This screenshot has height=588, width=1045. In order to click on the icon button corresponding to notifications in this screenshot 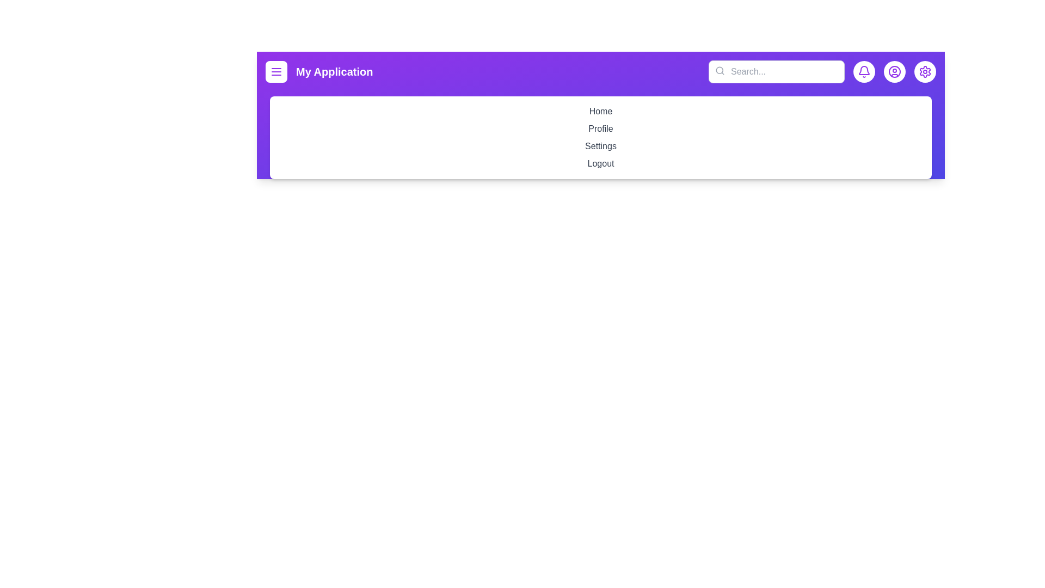, I will do `click(864, 71)`.